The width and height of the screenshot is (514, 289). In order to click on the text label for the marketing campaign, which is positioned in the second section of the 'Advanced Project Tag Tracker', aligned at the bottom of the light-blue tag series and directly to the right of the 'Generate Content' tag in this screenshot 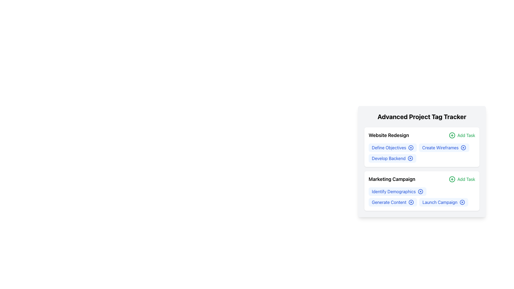, I will do `click(440, 202)`.